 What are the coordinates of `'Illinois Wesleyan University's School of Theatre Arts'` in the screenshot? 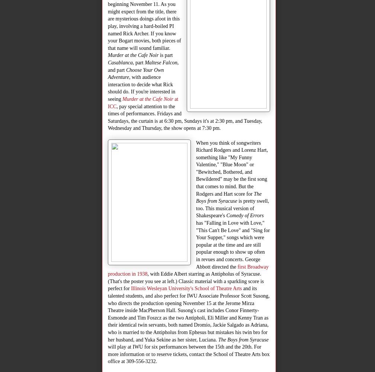 It's located at (186, 288).